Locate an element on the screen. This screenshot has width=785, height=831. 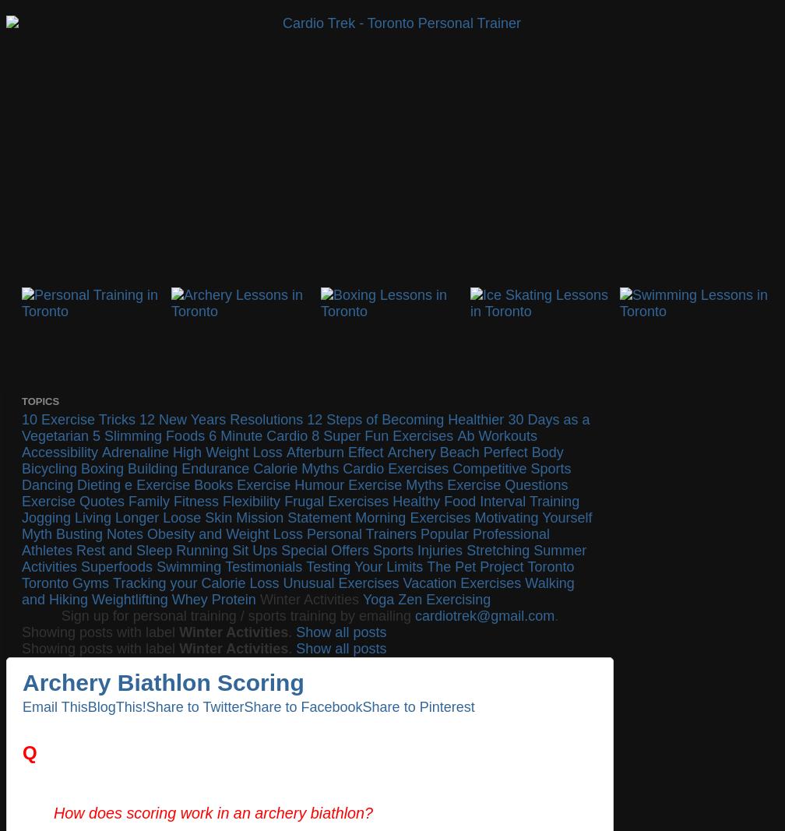
'Whey Protein' is located at coordinates (171, 598).